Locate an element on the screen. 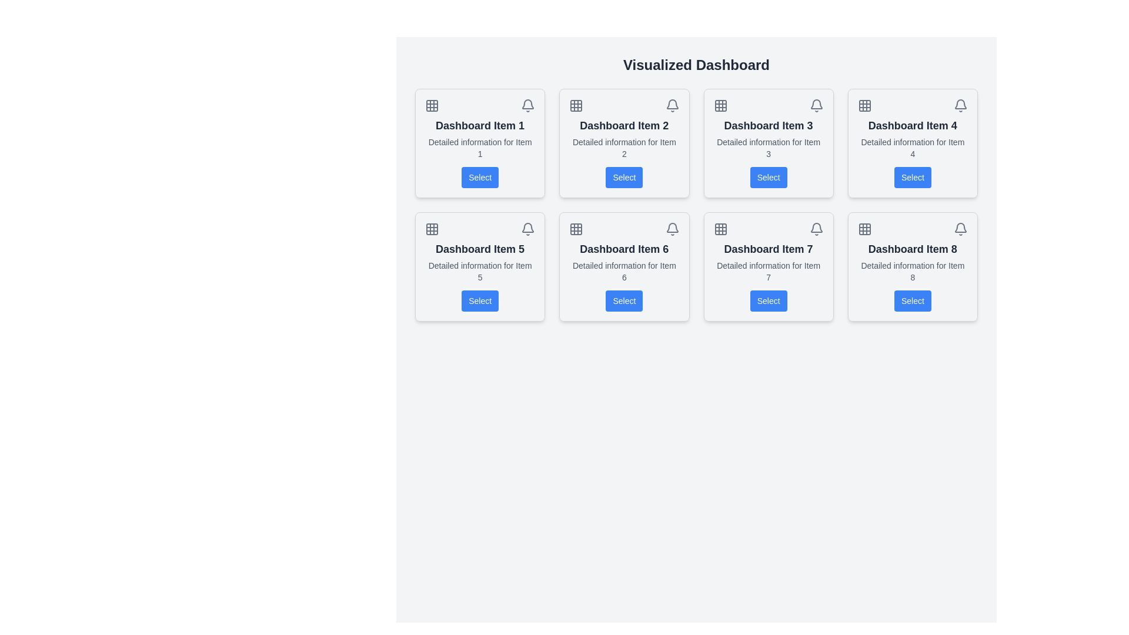 The width and height of the screenshot is (1129, 635). the rectangular button with a blue background and white text stating 'Select' located at the bottom of the card labeled 'Dashboard Item 5' in the dashboard interface is located at coordinates (480, 300).